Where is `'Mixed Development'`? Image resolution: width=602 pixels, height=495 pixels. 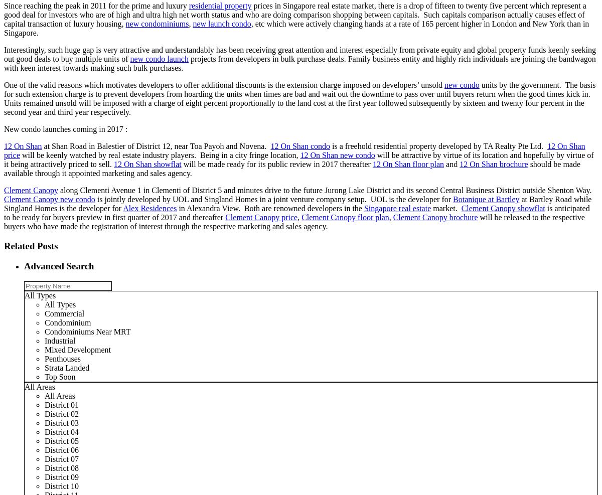
'Mixed Development' is located at coordinates (77, 350).